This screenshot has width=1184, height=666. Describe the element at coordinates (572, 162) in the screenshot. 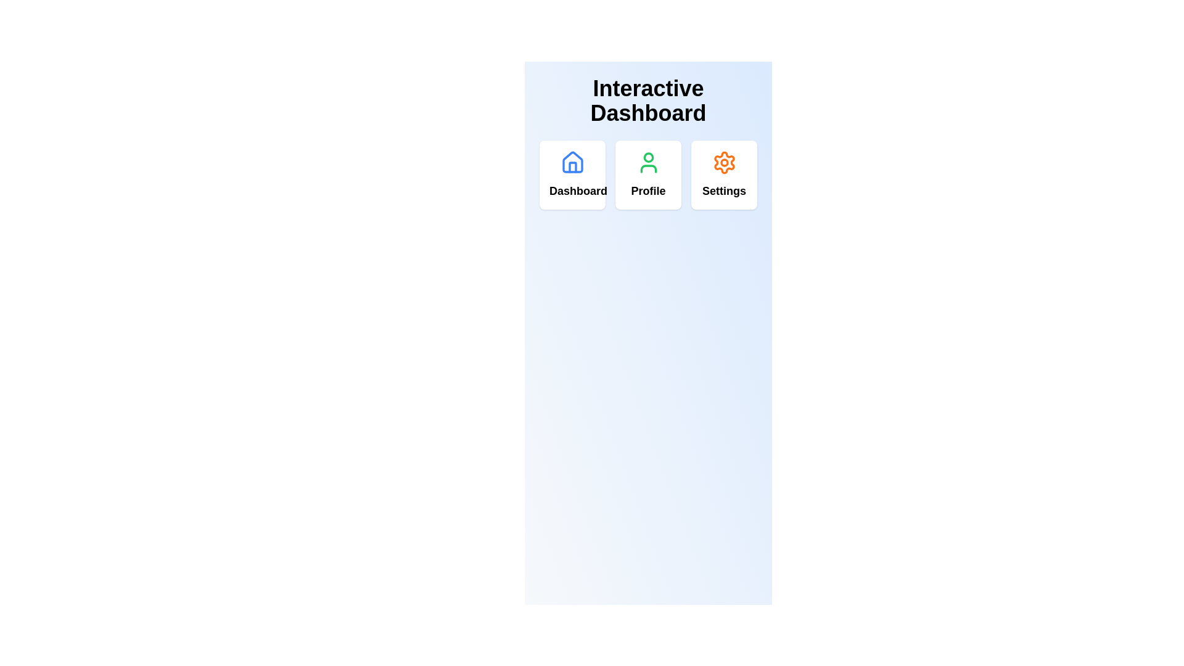

I see `the leftmost icon under the 'Interactive Dashboard' heading` at that location.